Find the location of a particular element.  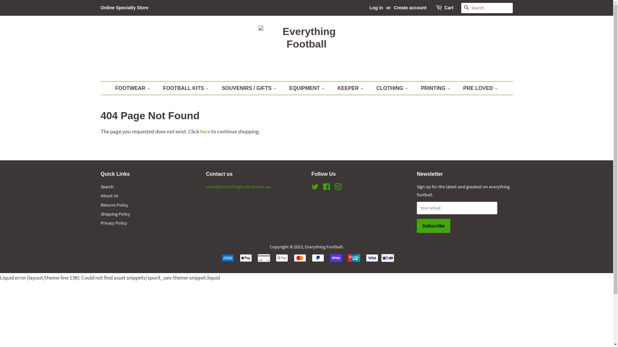

'Twitter' is located at coordinates (312, 188).